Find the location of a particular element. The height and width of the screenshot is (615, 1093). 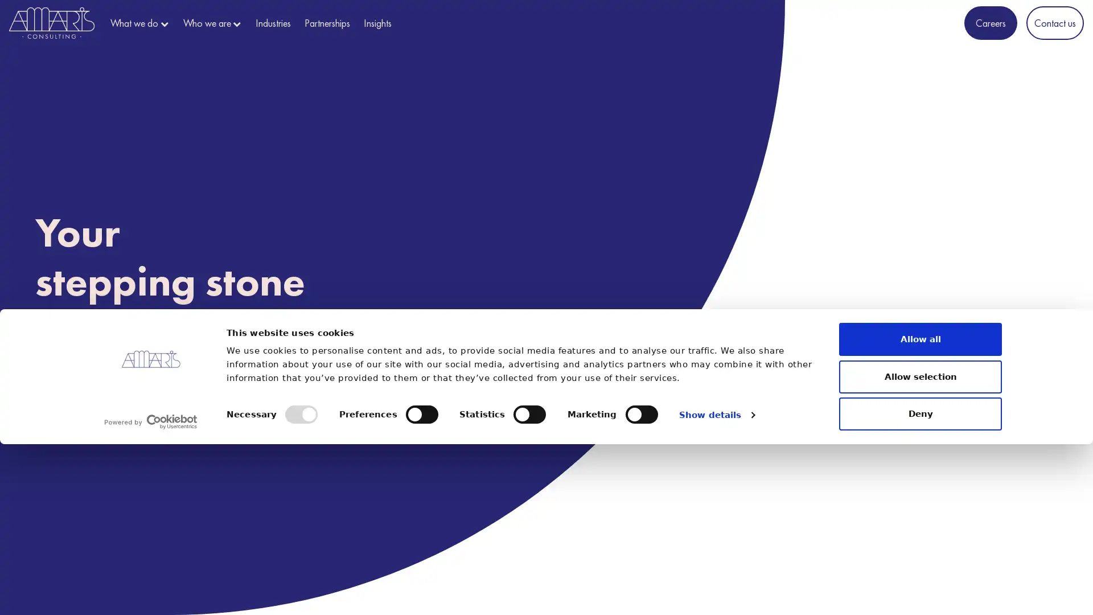

Contact us is located at coordinates (1054, 23).